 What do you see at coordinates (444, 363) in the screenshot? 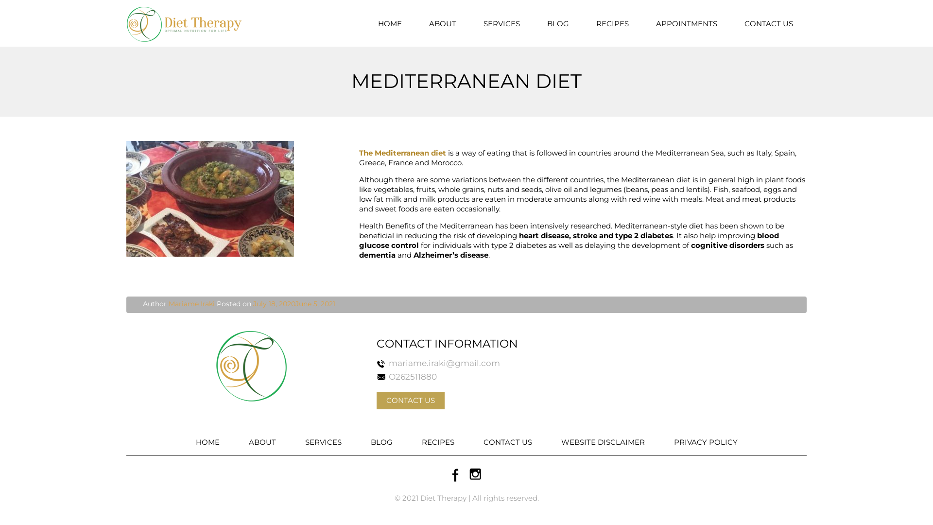
I see `'mariame.iraki@gmail.com'` at bounding box center [444, 363].